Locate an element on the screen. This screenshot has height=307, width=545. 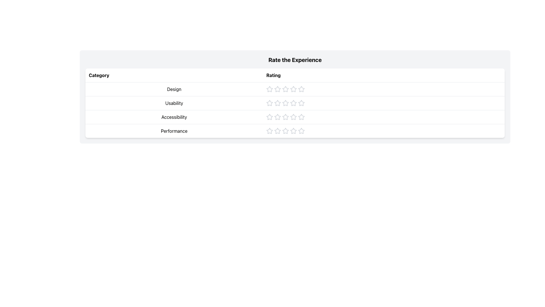
the fourth star-shaped rating icon in the 'Performance' row of the rating table for visual feedback is located at coordinates (286, 131).